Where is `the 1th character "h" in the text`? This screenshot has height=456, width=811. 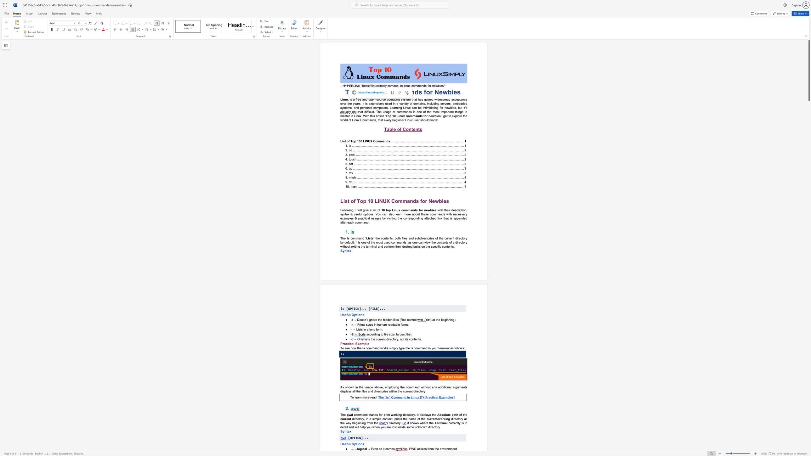 the 1th character "h" in the text is located at coordinates (413, 99).